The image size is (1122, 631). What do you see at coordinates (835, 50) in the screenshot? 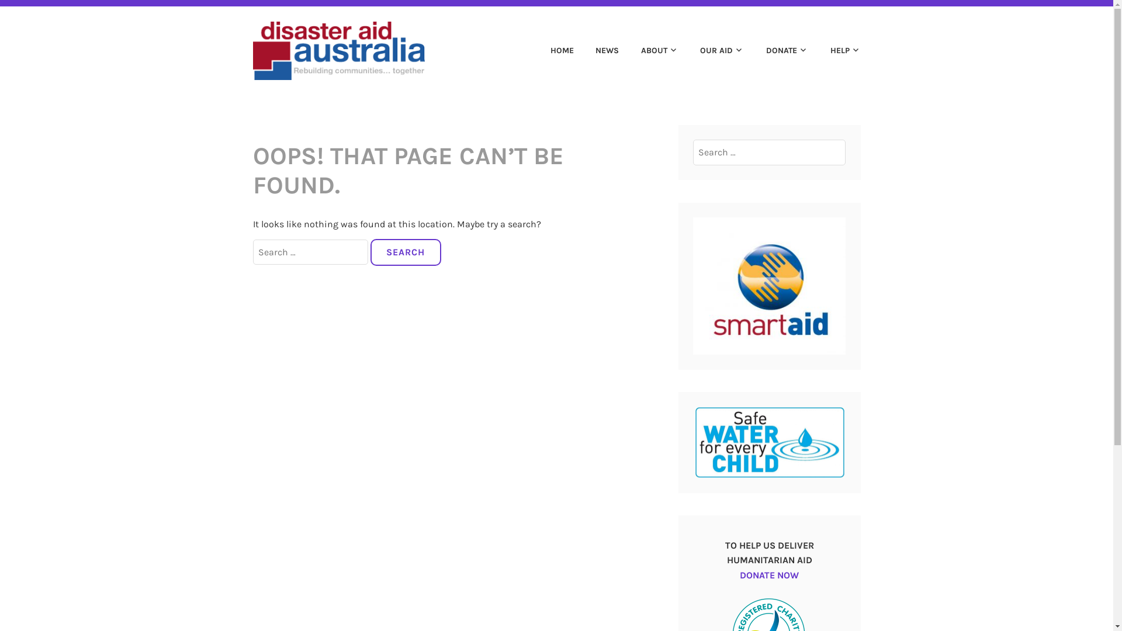
I see `'HELP'` at bounding box center [835, 50].